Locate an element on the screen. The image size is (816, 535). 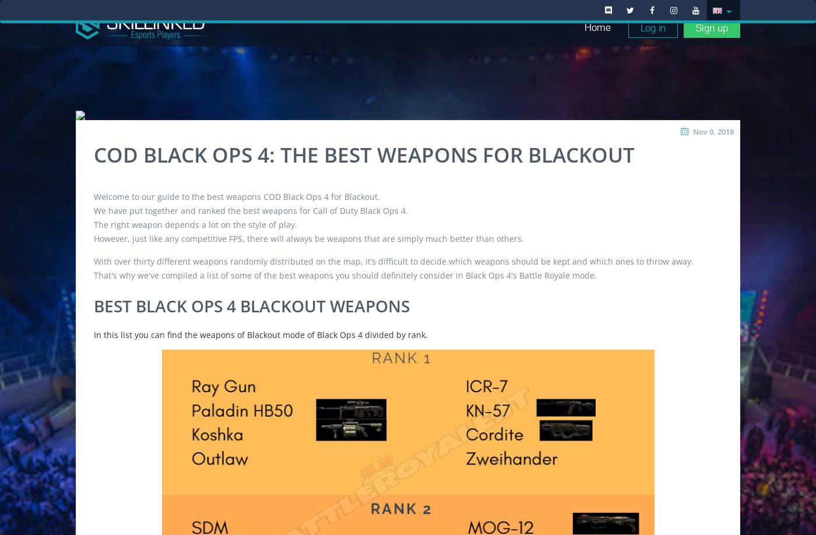
'The right weapon depends a lot on the style of play.' is located at coordinates (195, 223).